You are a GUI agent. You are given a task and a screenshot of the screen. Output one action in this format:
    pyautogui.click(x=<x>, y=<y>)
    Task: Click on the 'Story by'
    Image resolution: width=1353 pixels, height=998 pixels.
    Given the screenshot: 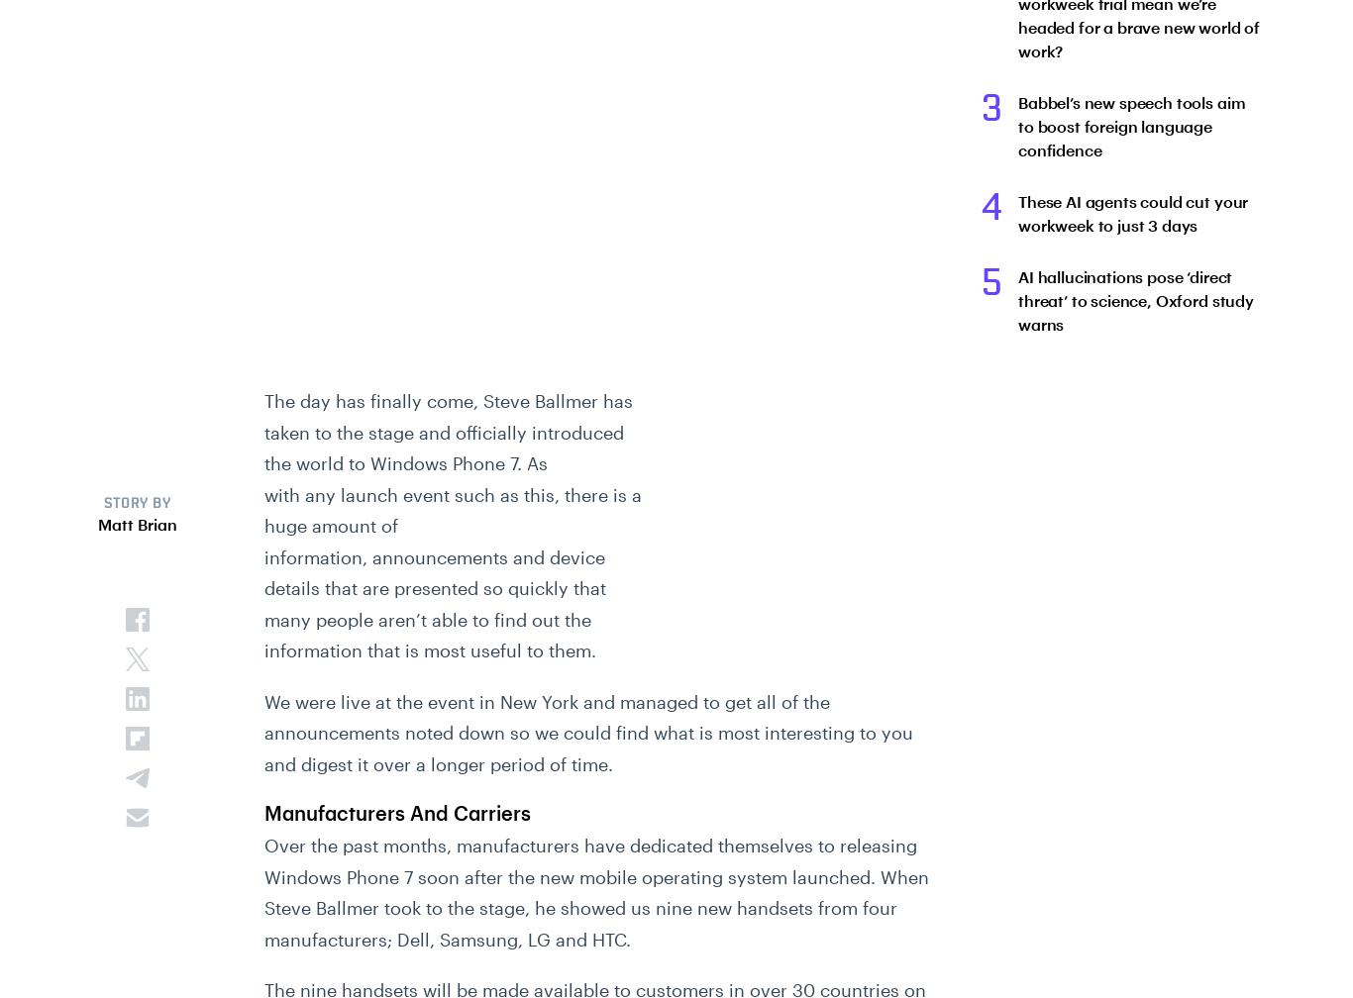 What is the action you would take?
    pyautogui.click(x=136, y=504)
    